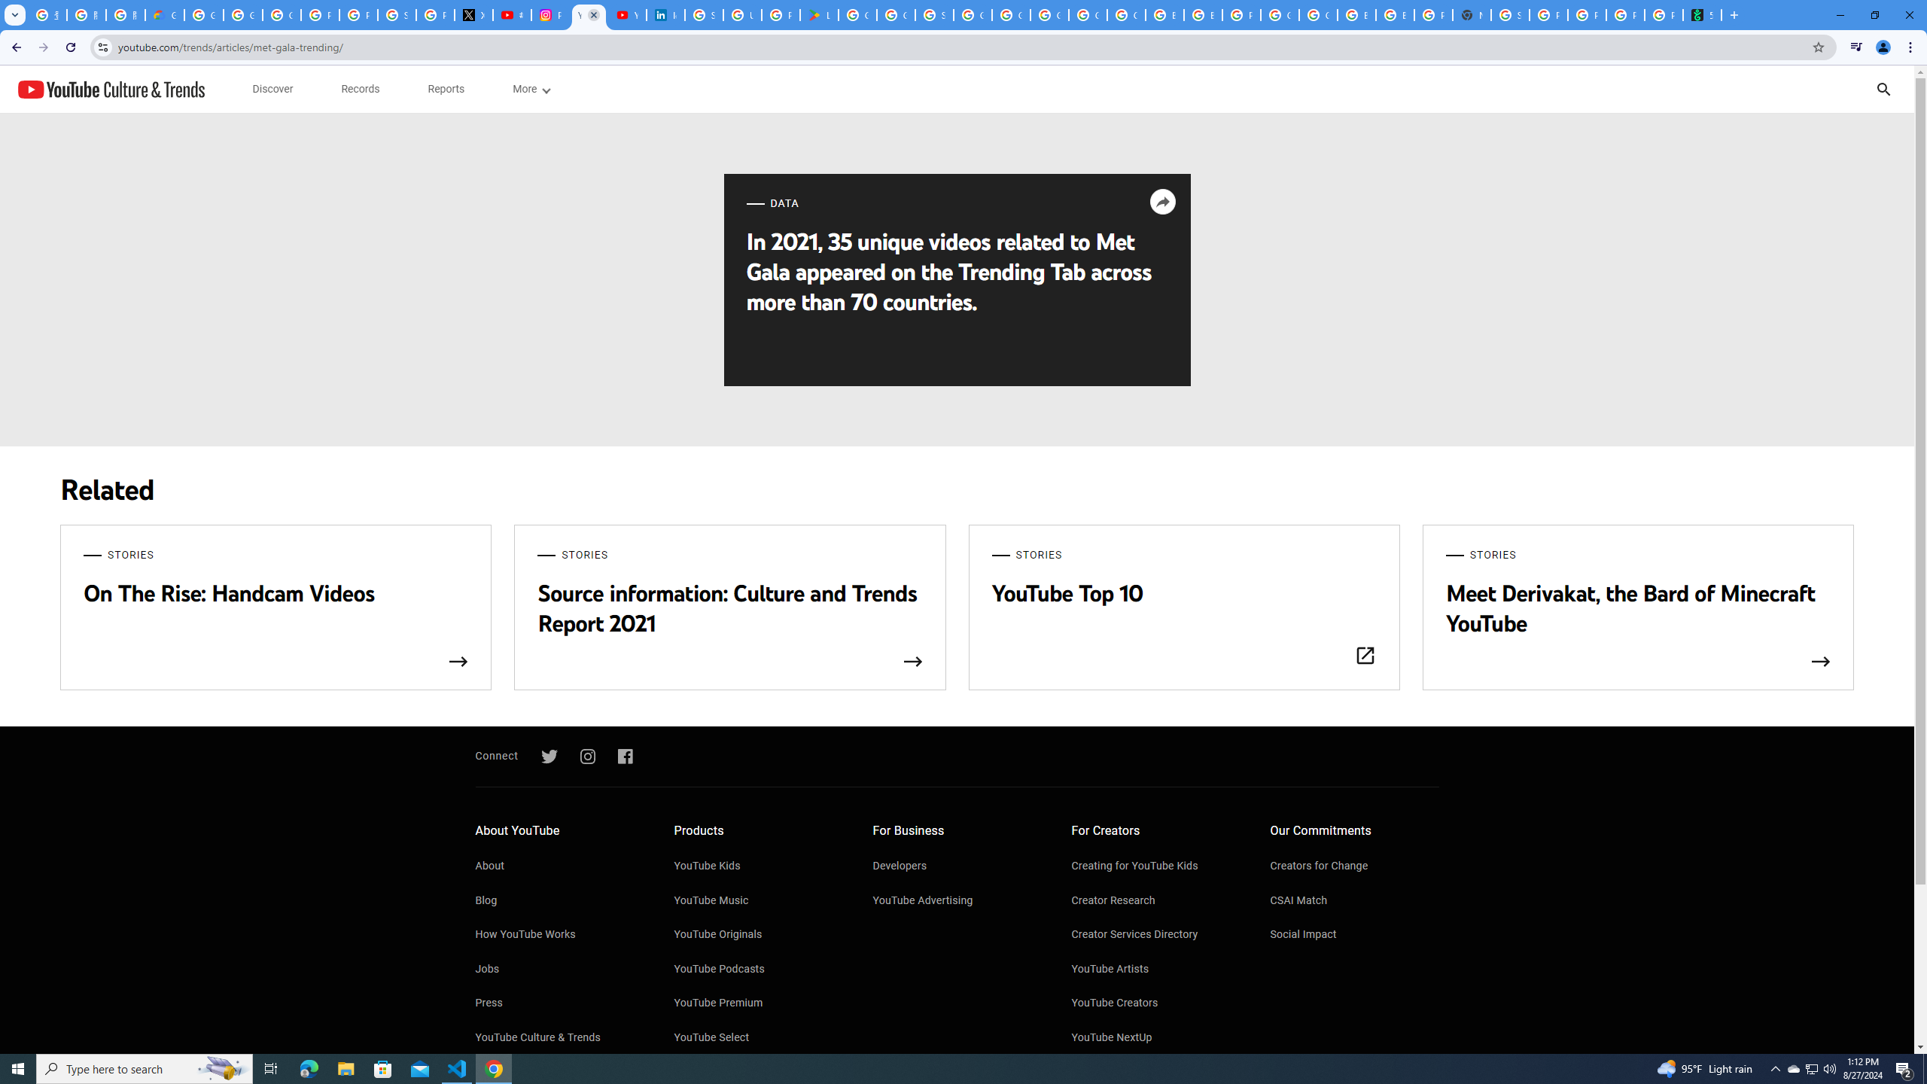 The height and width of the screenshot is (1084, 1927). What do you see at coordinates (758, 867) in the screenshot?
I see `'YouTube Kids'` at bounding box center [758, 867].